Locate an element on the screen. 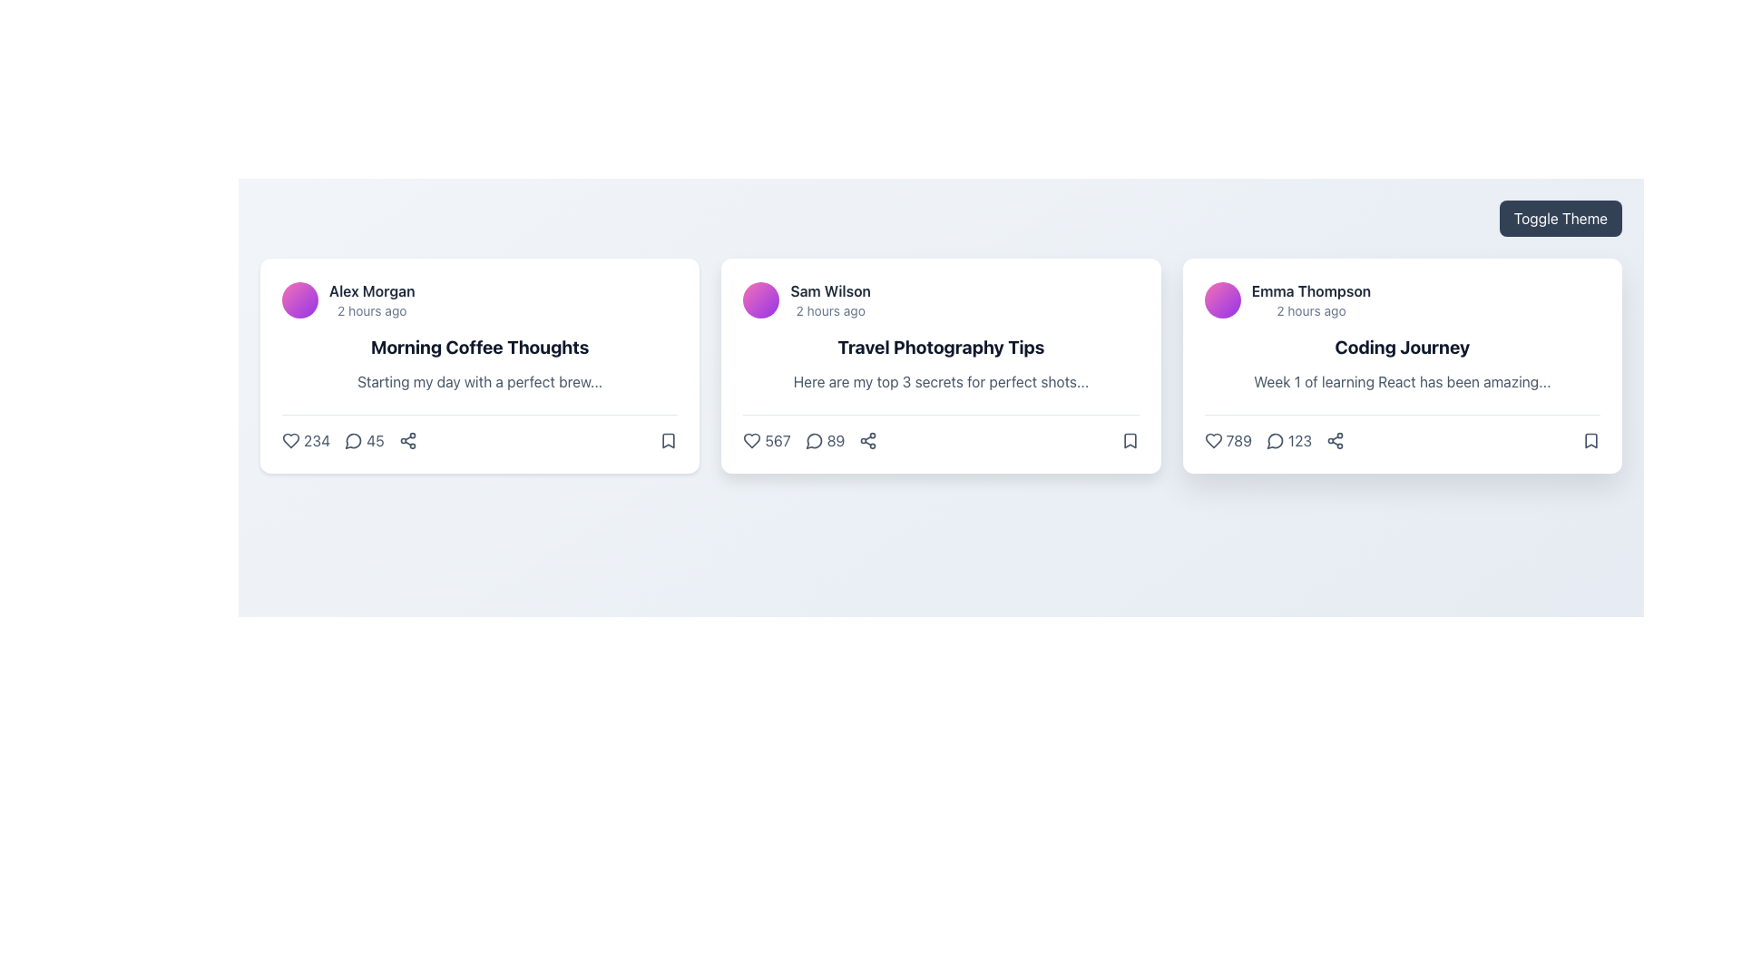  the text element that indicates the relative time of the post created or updated, located below the name 'Emma Thompson' in the card associated with her is located at coordinates (1311, 310).